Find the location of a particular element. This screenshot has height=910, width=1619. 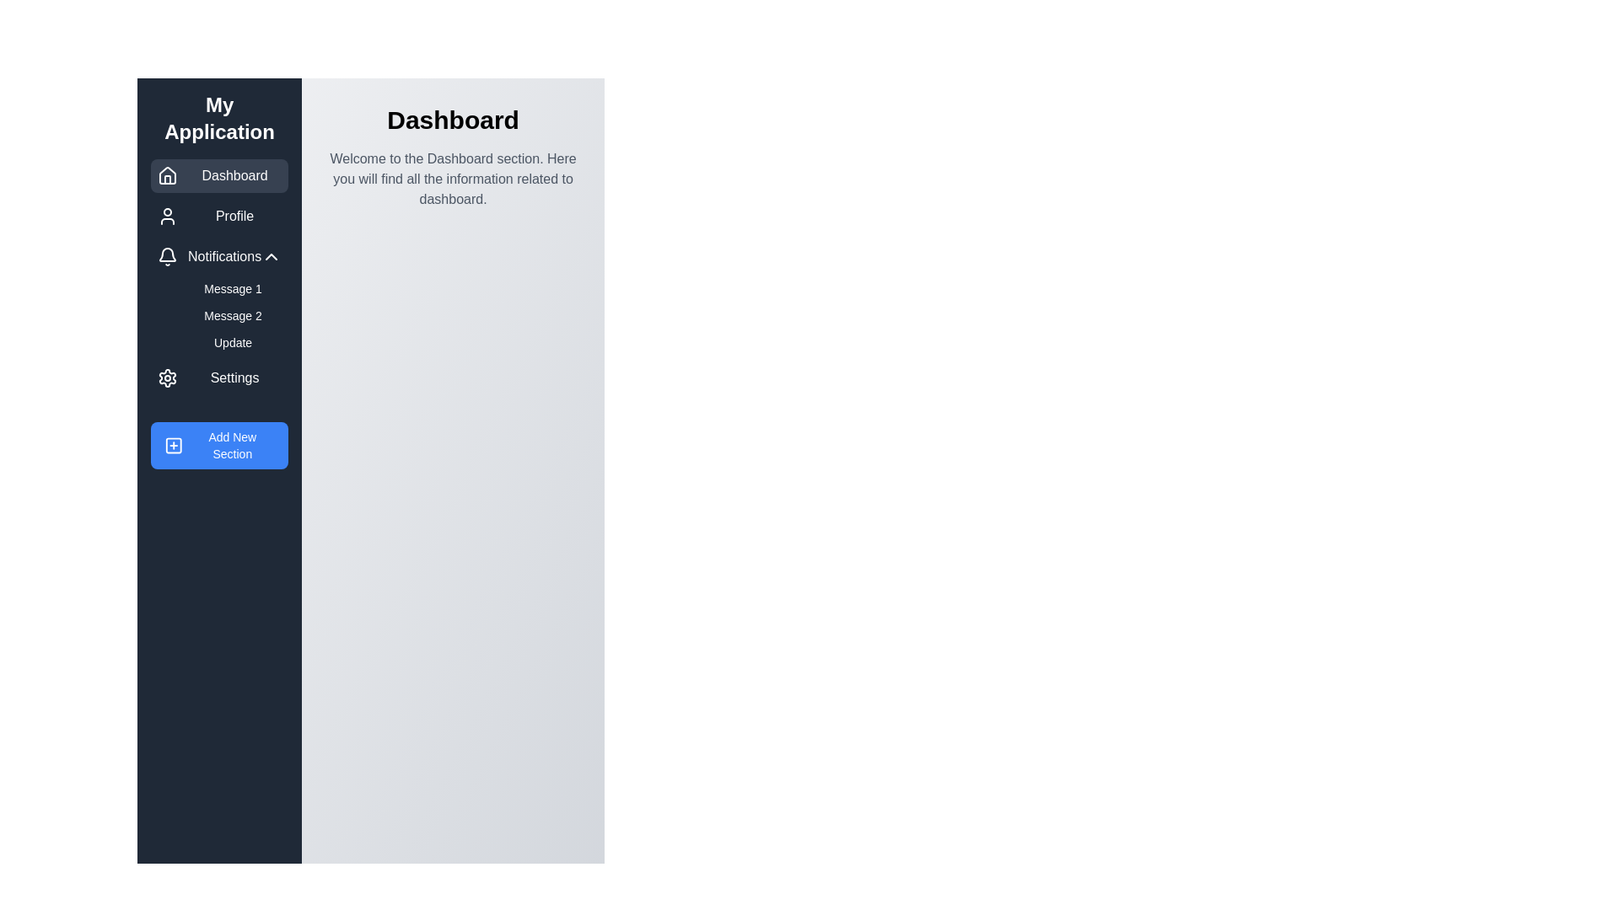

informational text displayed in the text label beneath the 'Dashboard' heading, which contains the message: 'Welcome to the Dashboard section. Here you will find all the information related to dashboard.' is located at coordinates (453, 179).